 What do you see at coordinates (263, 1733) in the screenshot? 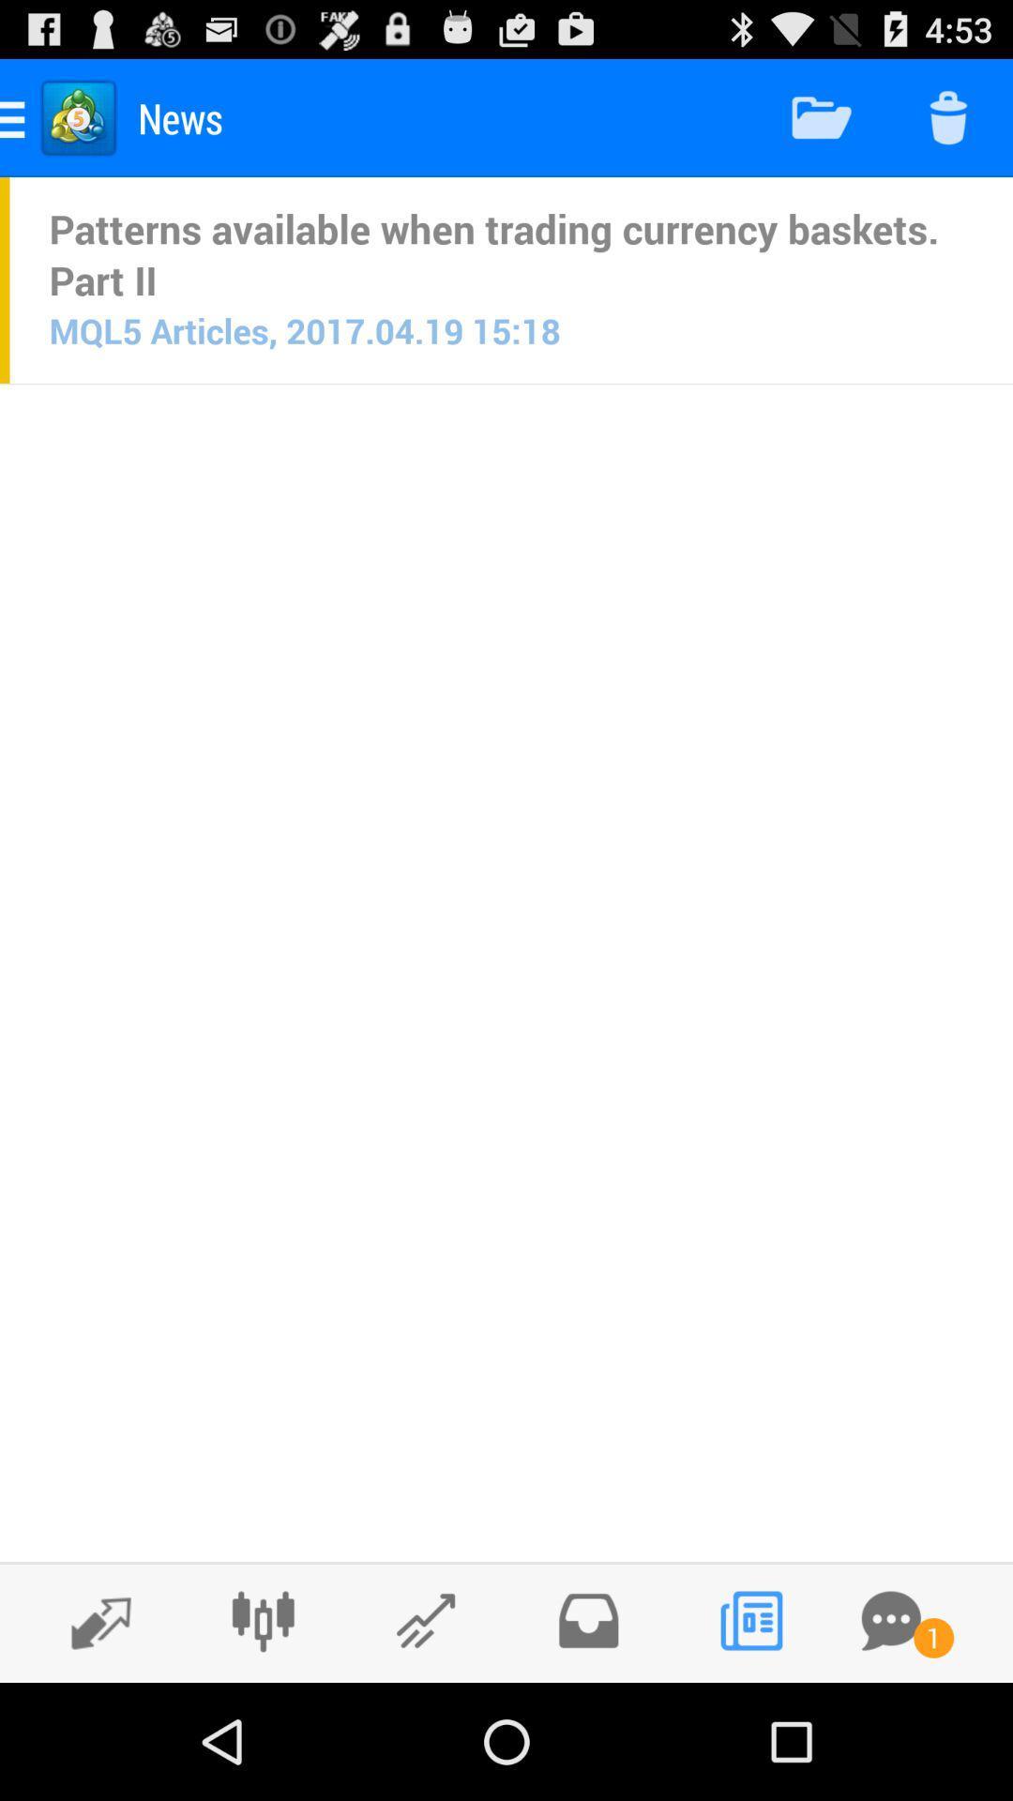
I see `the sliders icon` at bounding box center [263, 1733].